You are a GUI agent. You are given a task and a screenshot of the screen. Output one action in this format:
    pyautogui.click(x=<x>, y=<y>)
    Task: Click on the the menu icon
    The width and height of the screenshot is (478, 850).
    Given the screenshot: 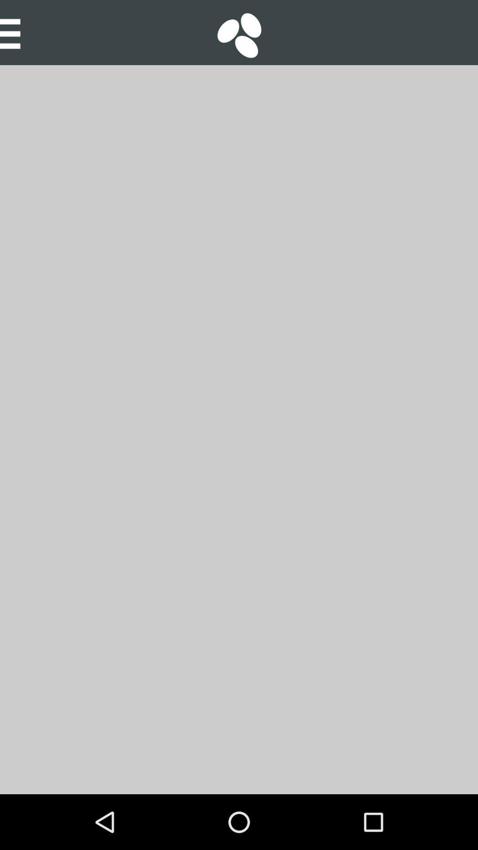 What is the action you would take?
    pyautogui.click(x=16, y=32)
    